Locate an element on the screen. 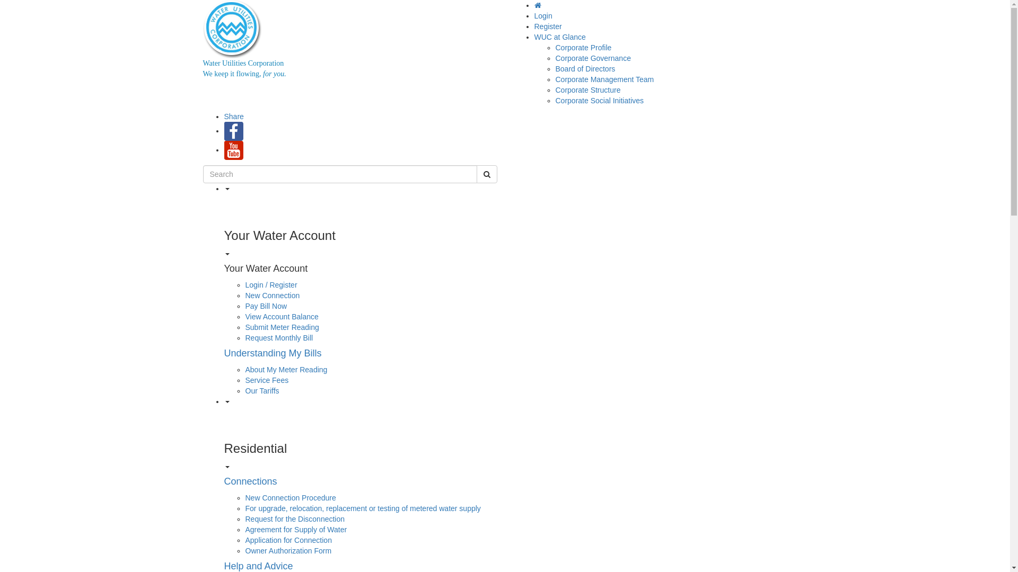 The width and height of the screenshot is (1018, 572). 'Agreement for Supply of Water' is located at coordinates (295, 529).